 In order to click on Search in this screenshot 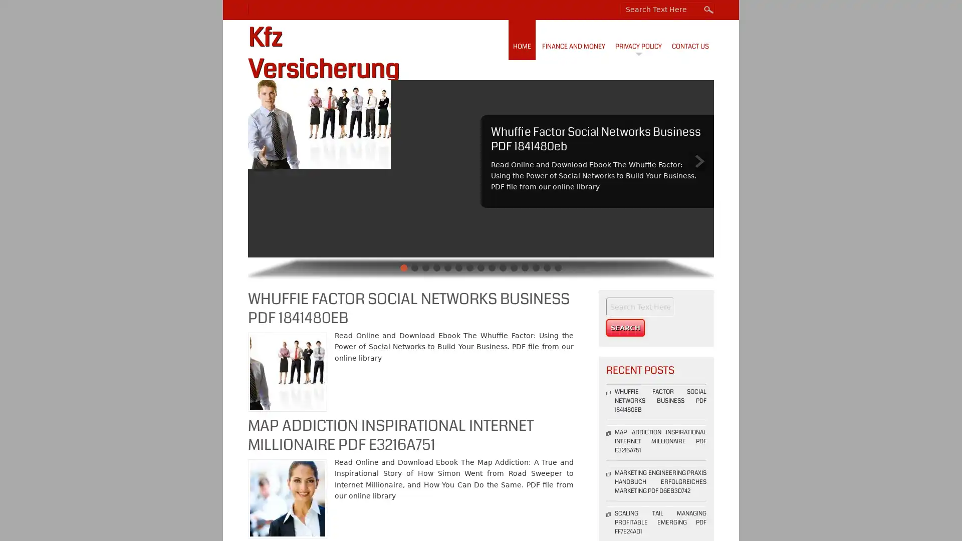, I will do `click(625, 328)`.